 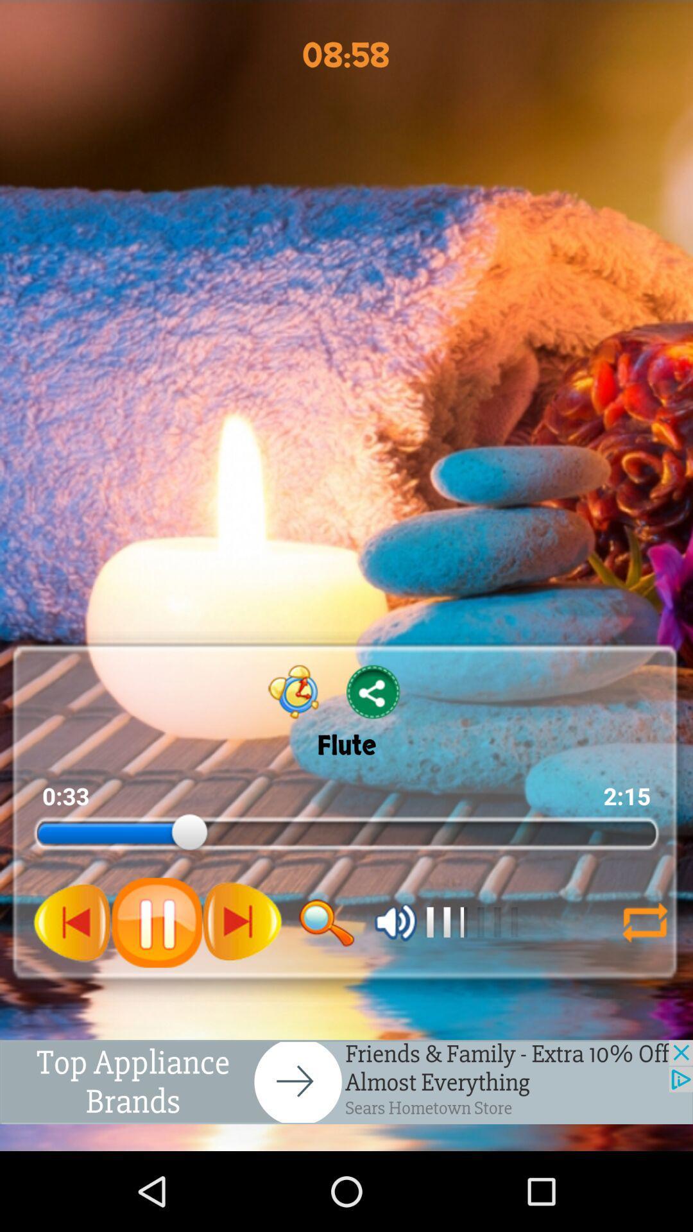 What do you see at coordinates (294, 691) in the screenshot?
I see `clik timer button` at bounding box center [294, 691].